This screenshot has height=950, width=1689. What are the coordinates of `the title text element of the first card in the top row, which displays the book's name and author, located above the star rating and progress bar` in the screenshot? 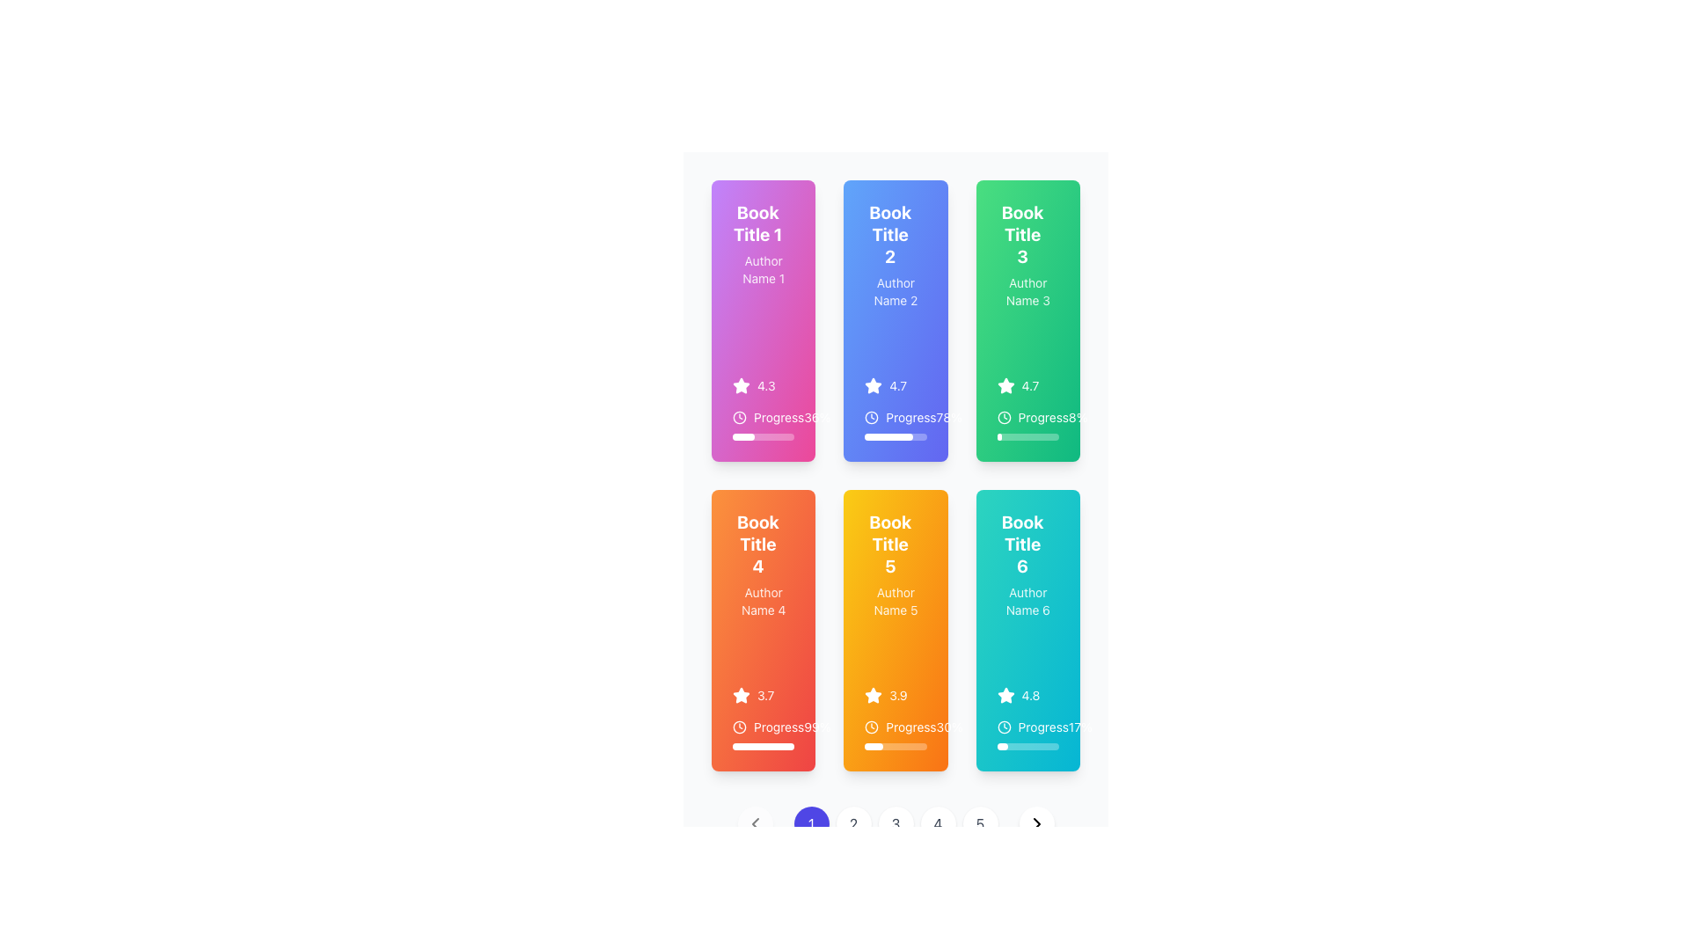 It's located at (764, 244).